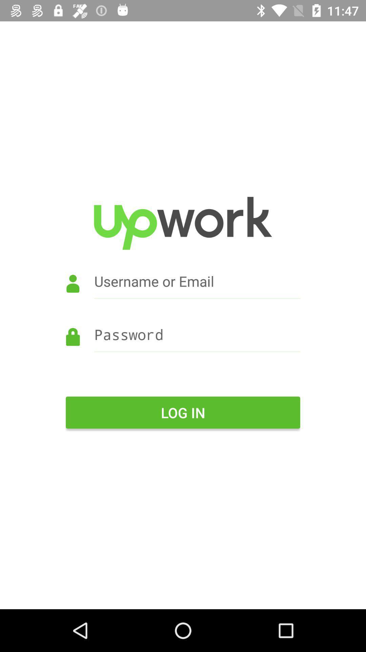  What do you see at coordinates (183, 412) in the screenshot?
I see `the log in` at bounding box center [183, 412].